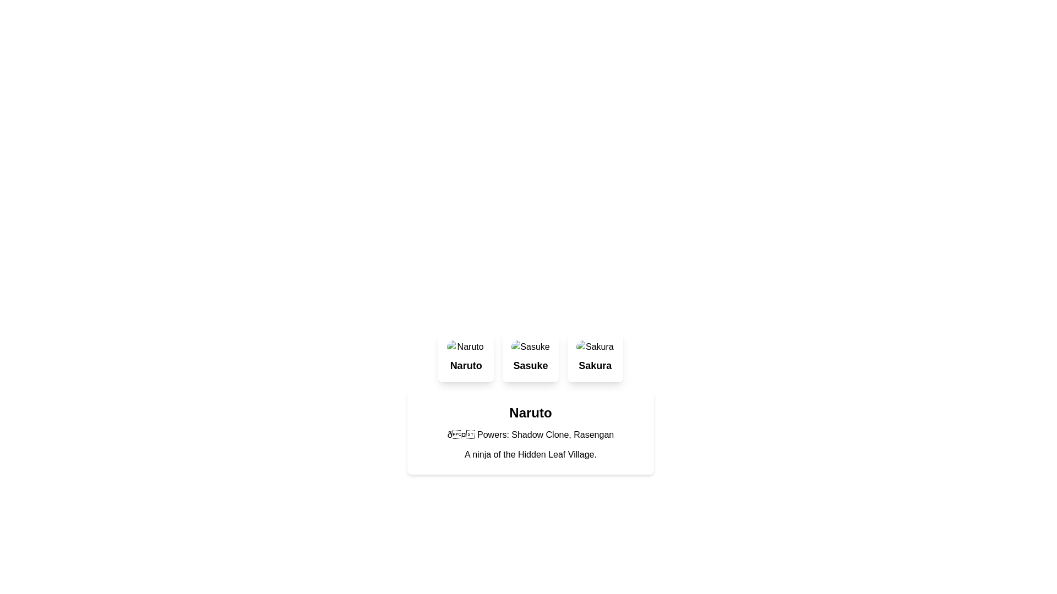  Describe the element at coordinates (595, 347) in the screenshot. I see `the decorative image representing the character 'Sakura', located in the rightmost card of a row of three similar cards` at that location.